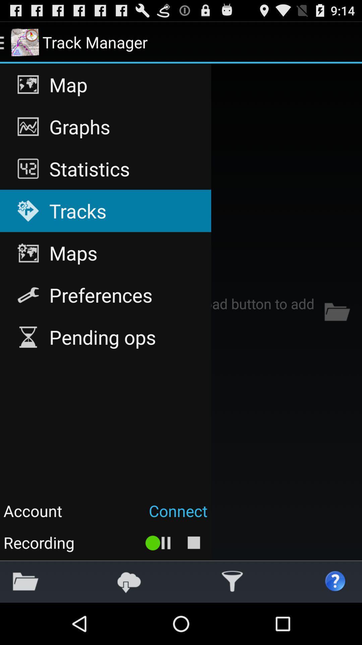 The height and width of the screenshot is (645, 362). Describe the element at coordinates (106, 84) in the screenshot. I see `the map app` at that location.